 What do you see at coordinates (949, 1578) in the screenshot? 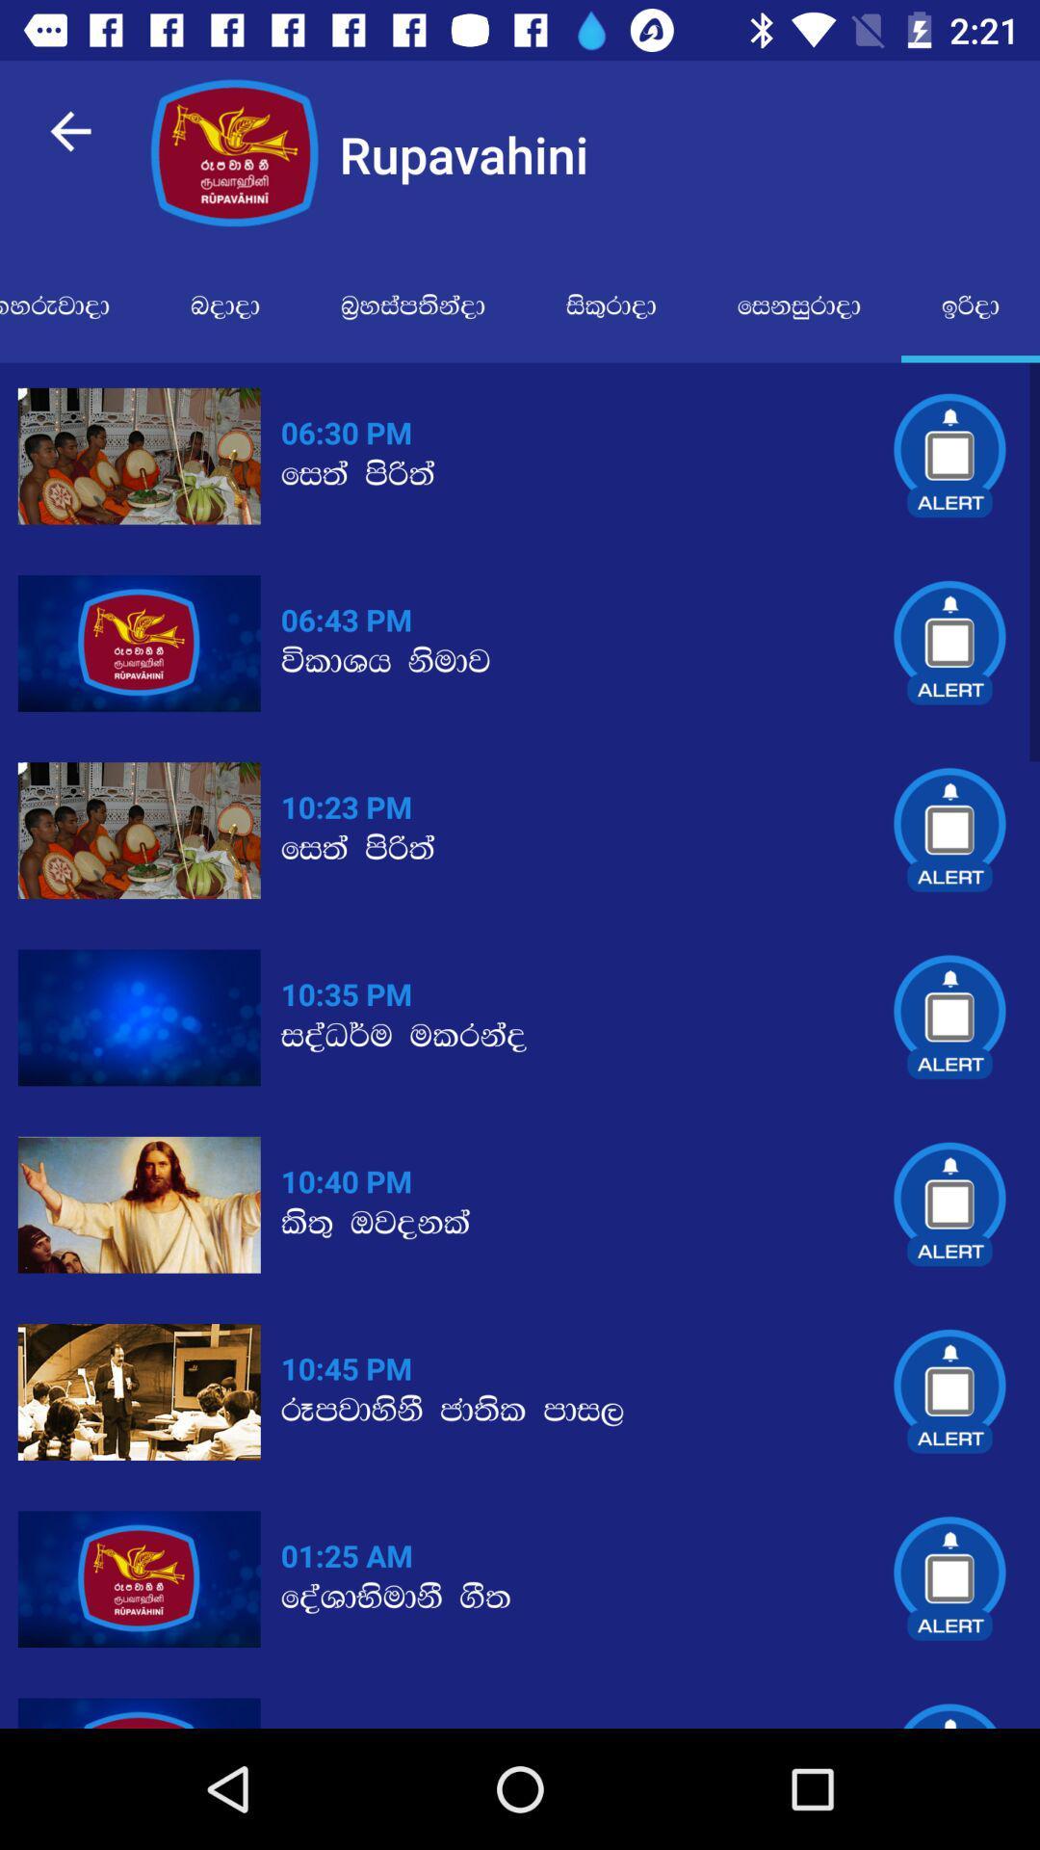
I see `the alert icon which is right to the 0125 am` at bounding box center [949, 1578].